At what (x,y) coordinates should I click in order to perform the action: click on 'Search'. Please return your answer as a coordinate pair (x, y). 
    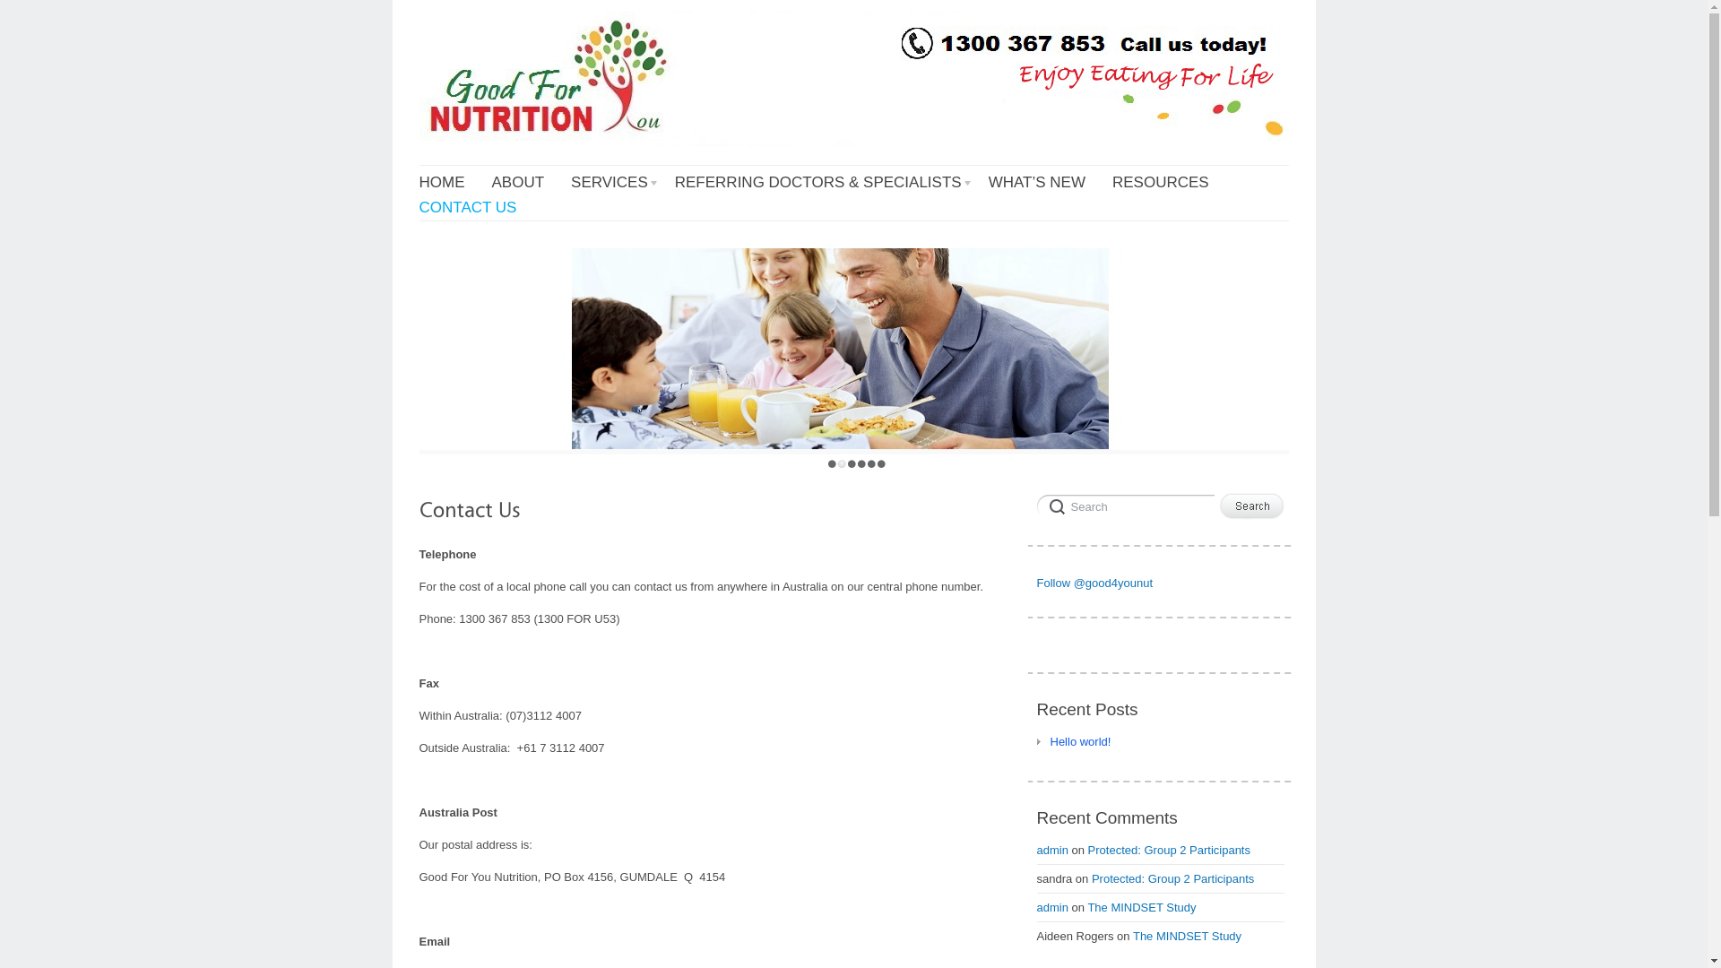
    Looking at the image, I should click on (1123, 505).